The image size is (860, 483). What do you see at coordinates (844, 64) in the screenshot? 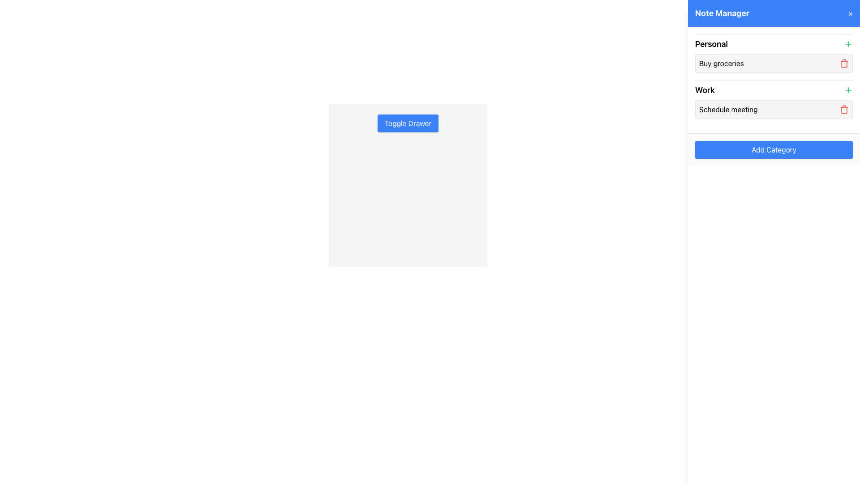
I see `the trash bin icon element located at the bottom-right area of the interface for a different action in the Note Manager` at bounding box center [844, 64].